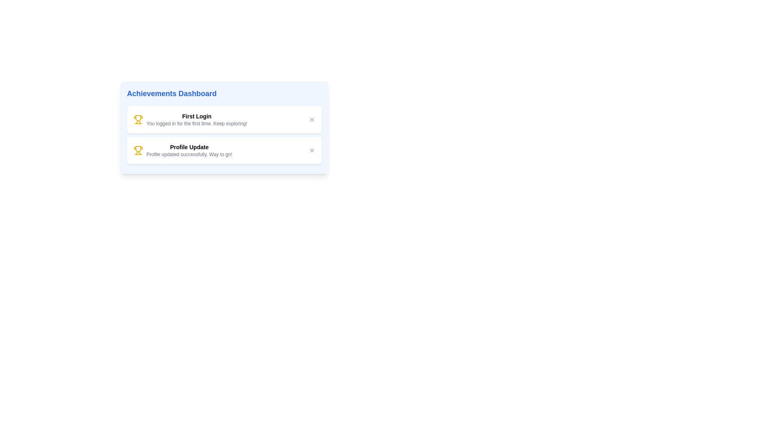 Image resolution: width=779 pixels, height=438 pixels. Describe the element at coordinates (189, 147) in the screenshot. I see `text of the Text Label located in the second achievement block of the Achievements Dashboard, positioned above the message 'Profile updated successfully. Way to go!' and next to the gold trophy icon` at that location.